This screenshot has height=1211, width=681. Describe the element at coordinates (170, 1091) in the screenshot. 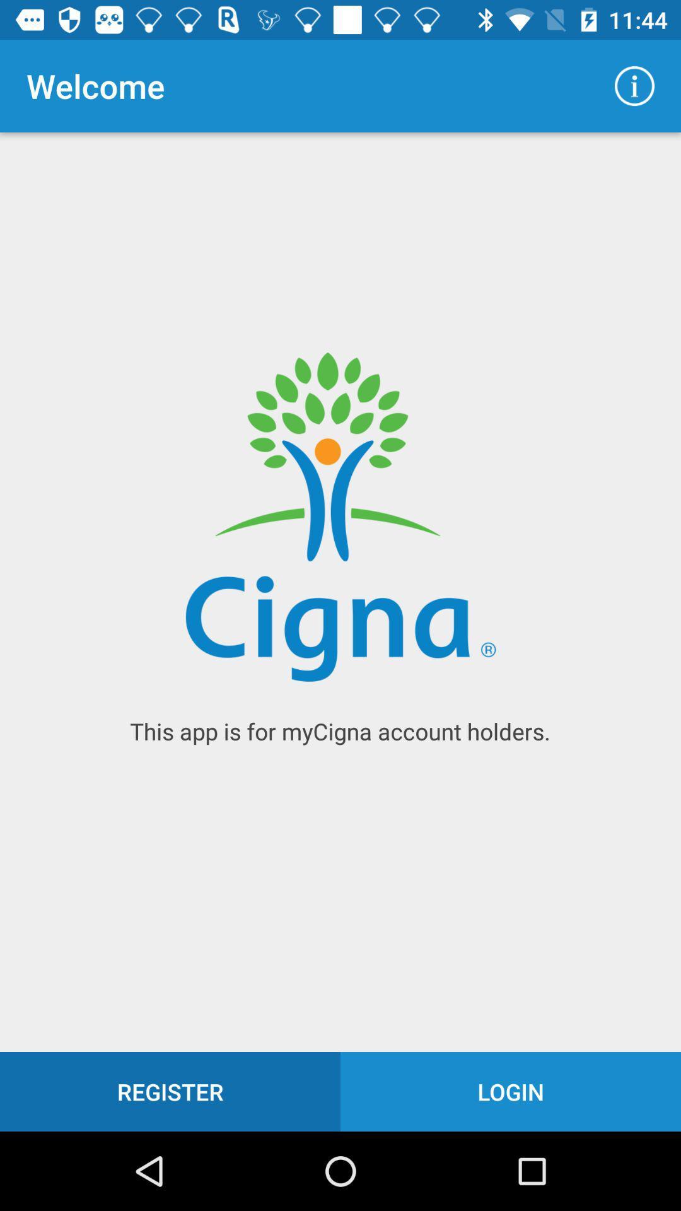

I see `register item` at that location.